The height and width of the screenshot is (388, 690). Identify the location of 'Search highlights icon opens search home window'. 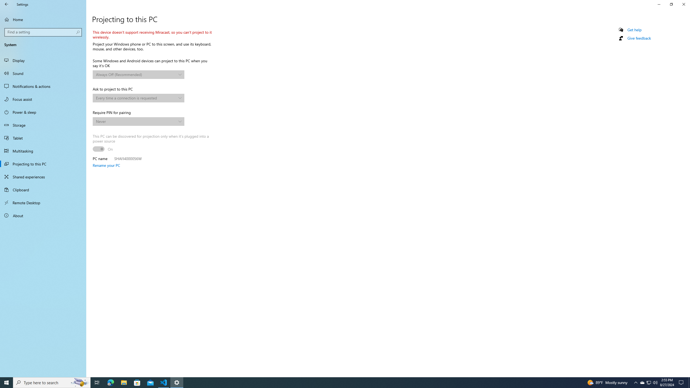
(79, 382).